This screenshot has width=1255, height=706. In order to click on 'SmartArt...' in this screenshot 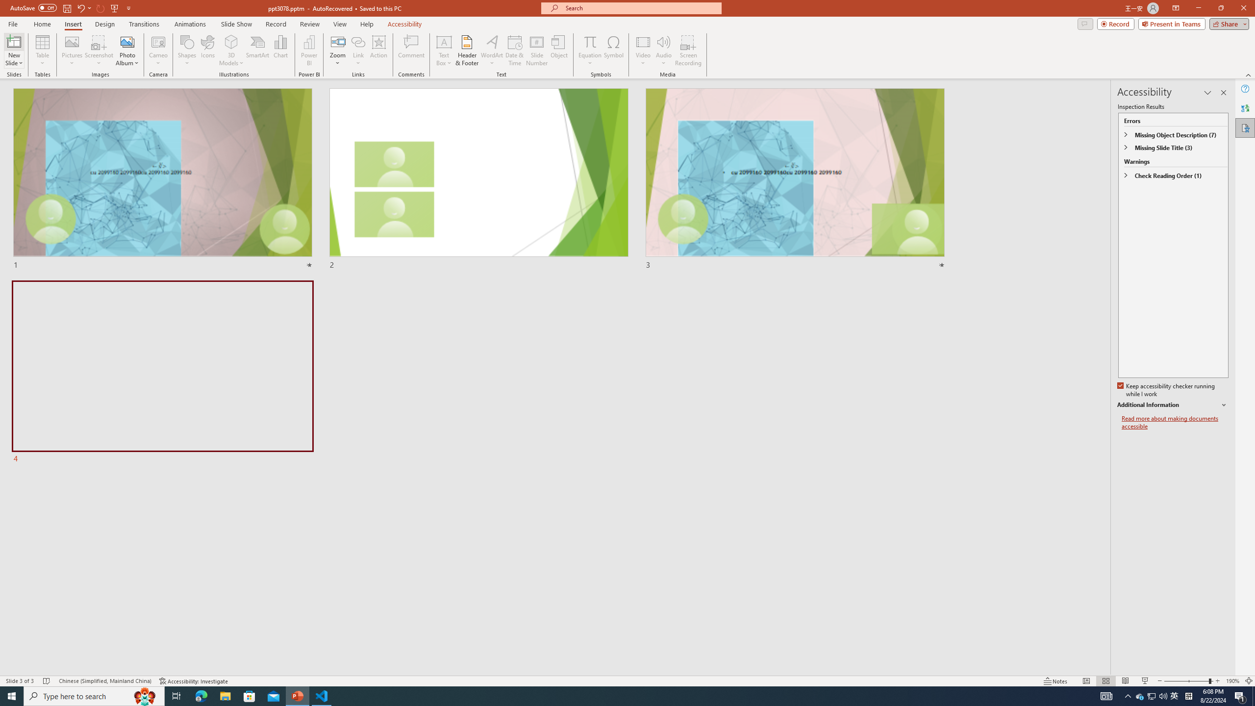, I will do `click(257, 50)`.